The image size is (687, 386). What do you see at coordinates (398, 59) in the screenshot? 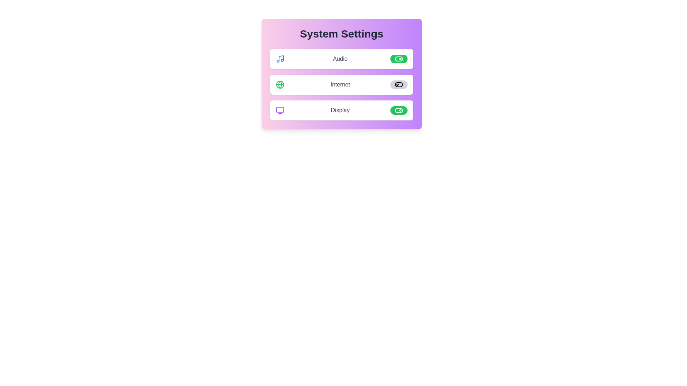
I see `the toggle background for the 'Audio' option in the 'System Settings' interface to switch its state` at bounding box center [398, 59].